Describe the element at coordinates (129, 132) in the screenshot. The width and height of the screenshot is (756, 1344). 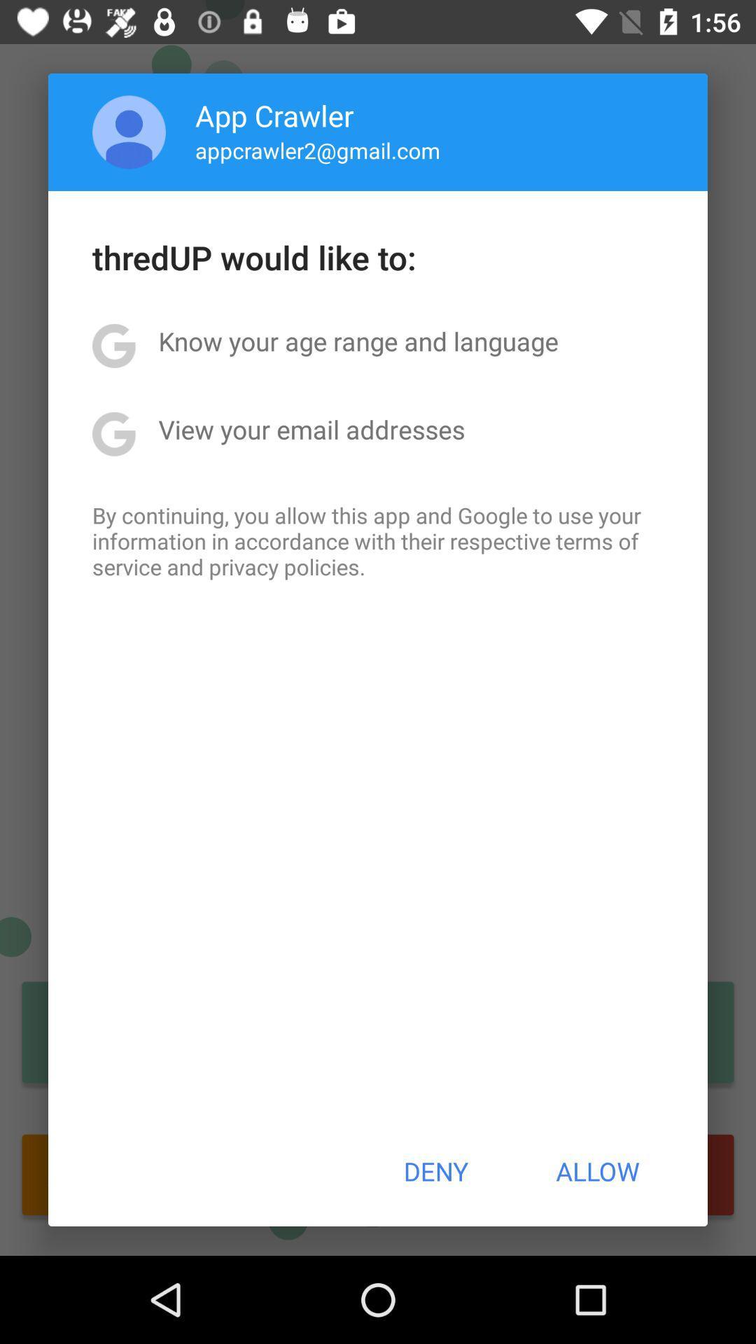
I see `the item next to the app crawler app` at that location.